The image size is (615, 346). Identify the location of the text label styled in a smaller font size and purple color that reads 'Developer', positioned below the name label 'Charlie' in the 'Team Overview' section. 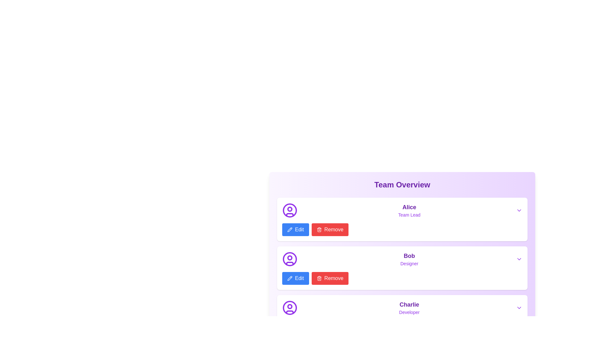
(409, 312).